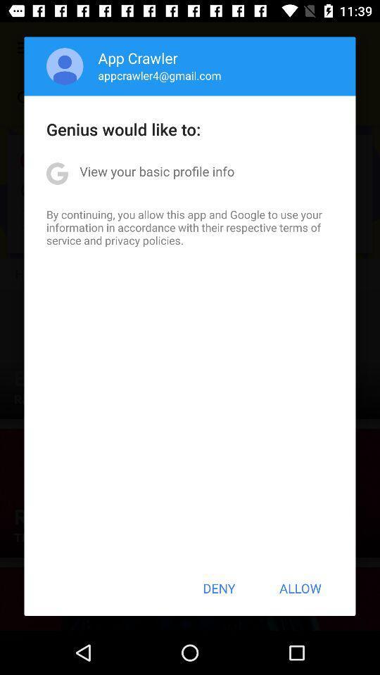 The height and width of the screenshot is (675, 380). Describe the element at coordinates (219, 588) in the screenshot. I see `deny icon` at that location.